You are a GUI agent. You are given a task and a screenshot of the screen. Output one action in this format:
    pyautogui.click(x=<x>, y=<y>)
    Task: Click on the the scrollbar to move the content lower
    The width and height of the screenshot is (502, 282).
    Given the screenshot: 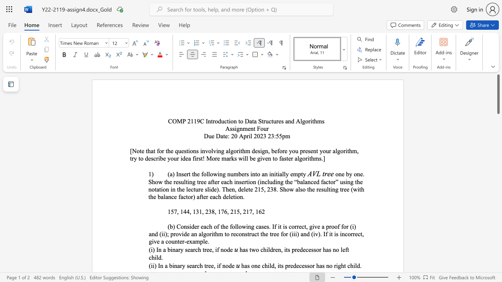 What is the action you would take?
    pyautogui.click(x=498, y=149)
    